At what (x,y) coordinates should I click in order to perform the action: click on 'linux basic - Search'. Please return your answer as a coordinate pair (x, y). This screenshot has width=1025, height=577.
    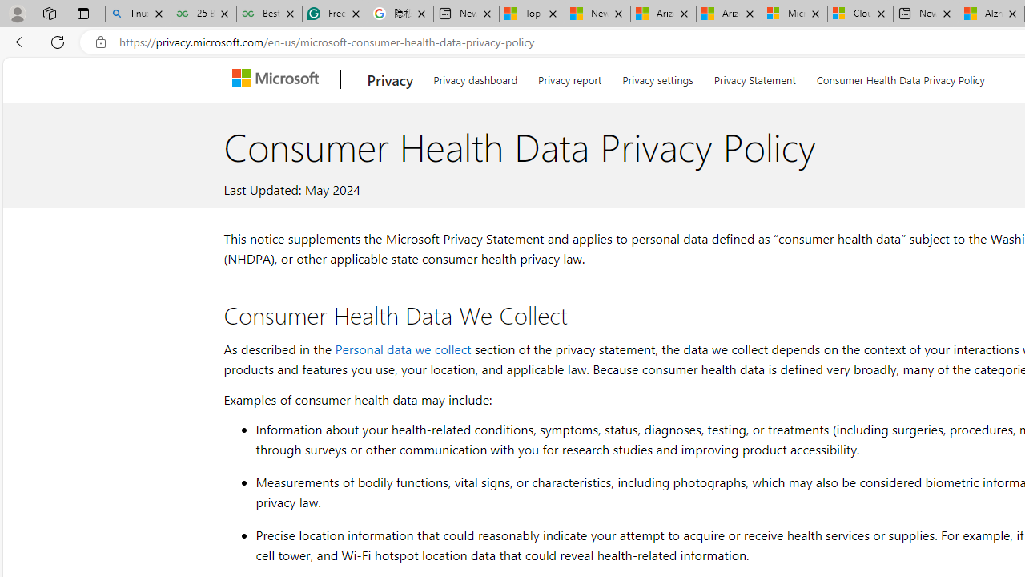
    Looking at the image, I should click on (138, 14).